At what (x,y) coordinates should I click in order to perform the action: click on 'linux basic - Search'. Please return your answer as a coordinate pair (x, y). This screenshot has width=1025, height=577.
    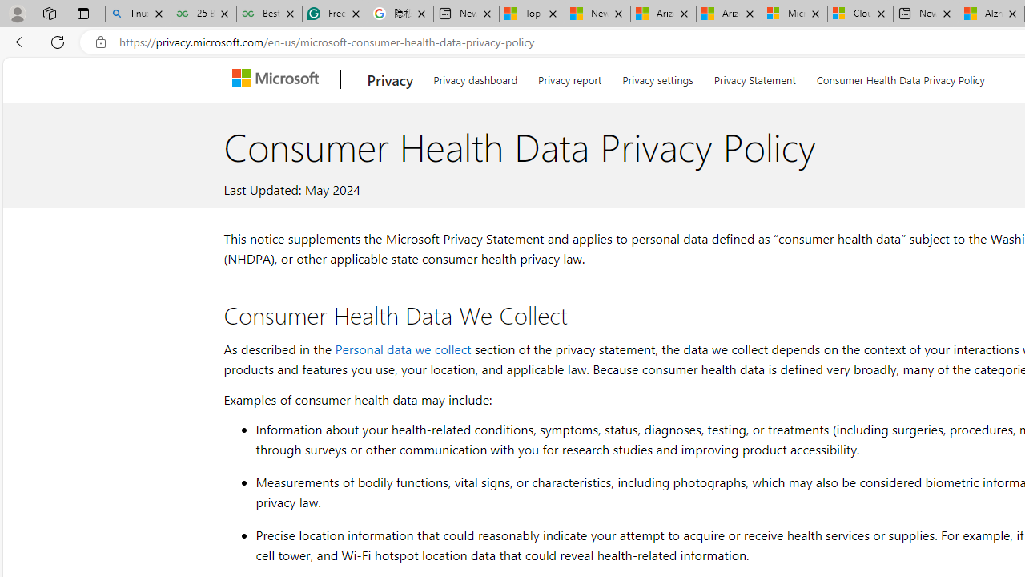
    Looking at the image, I should click on (138, 14).